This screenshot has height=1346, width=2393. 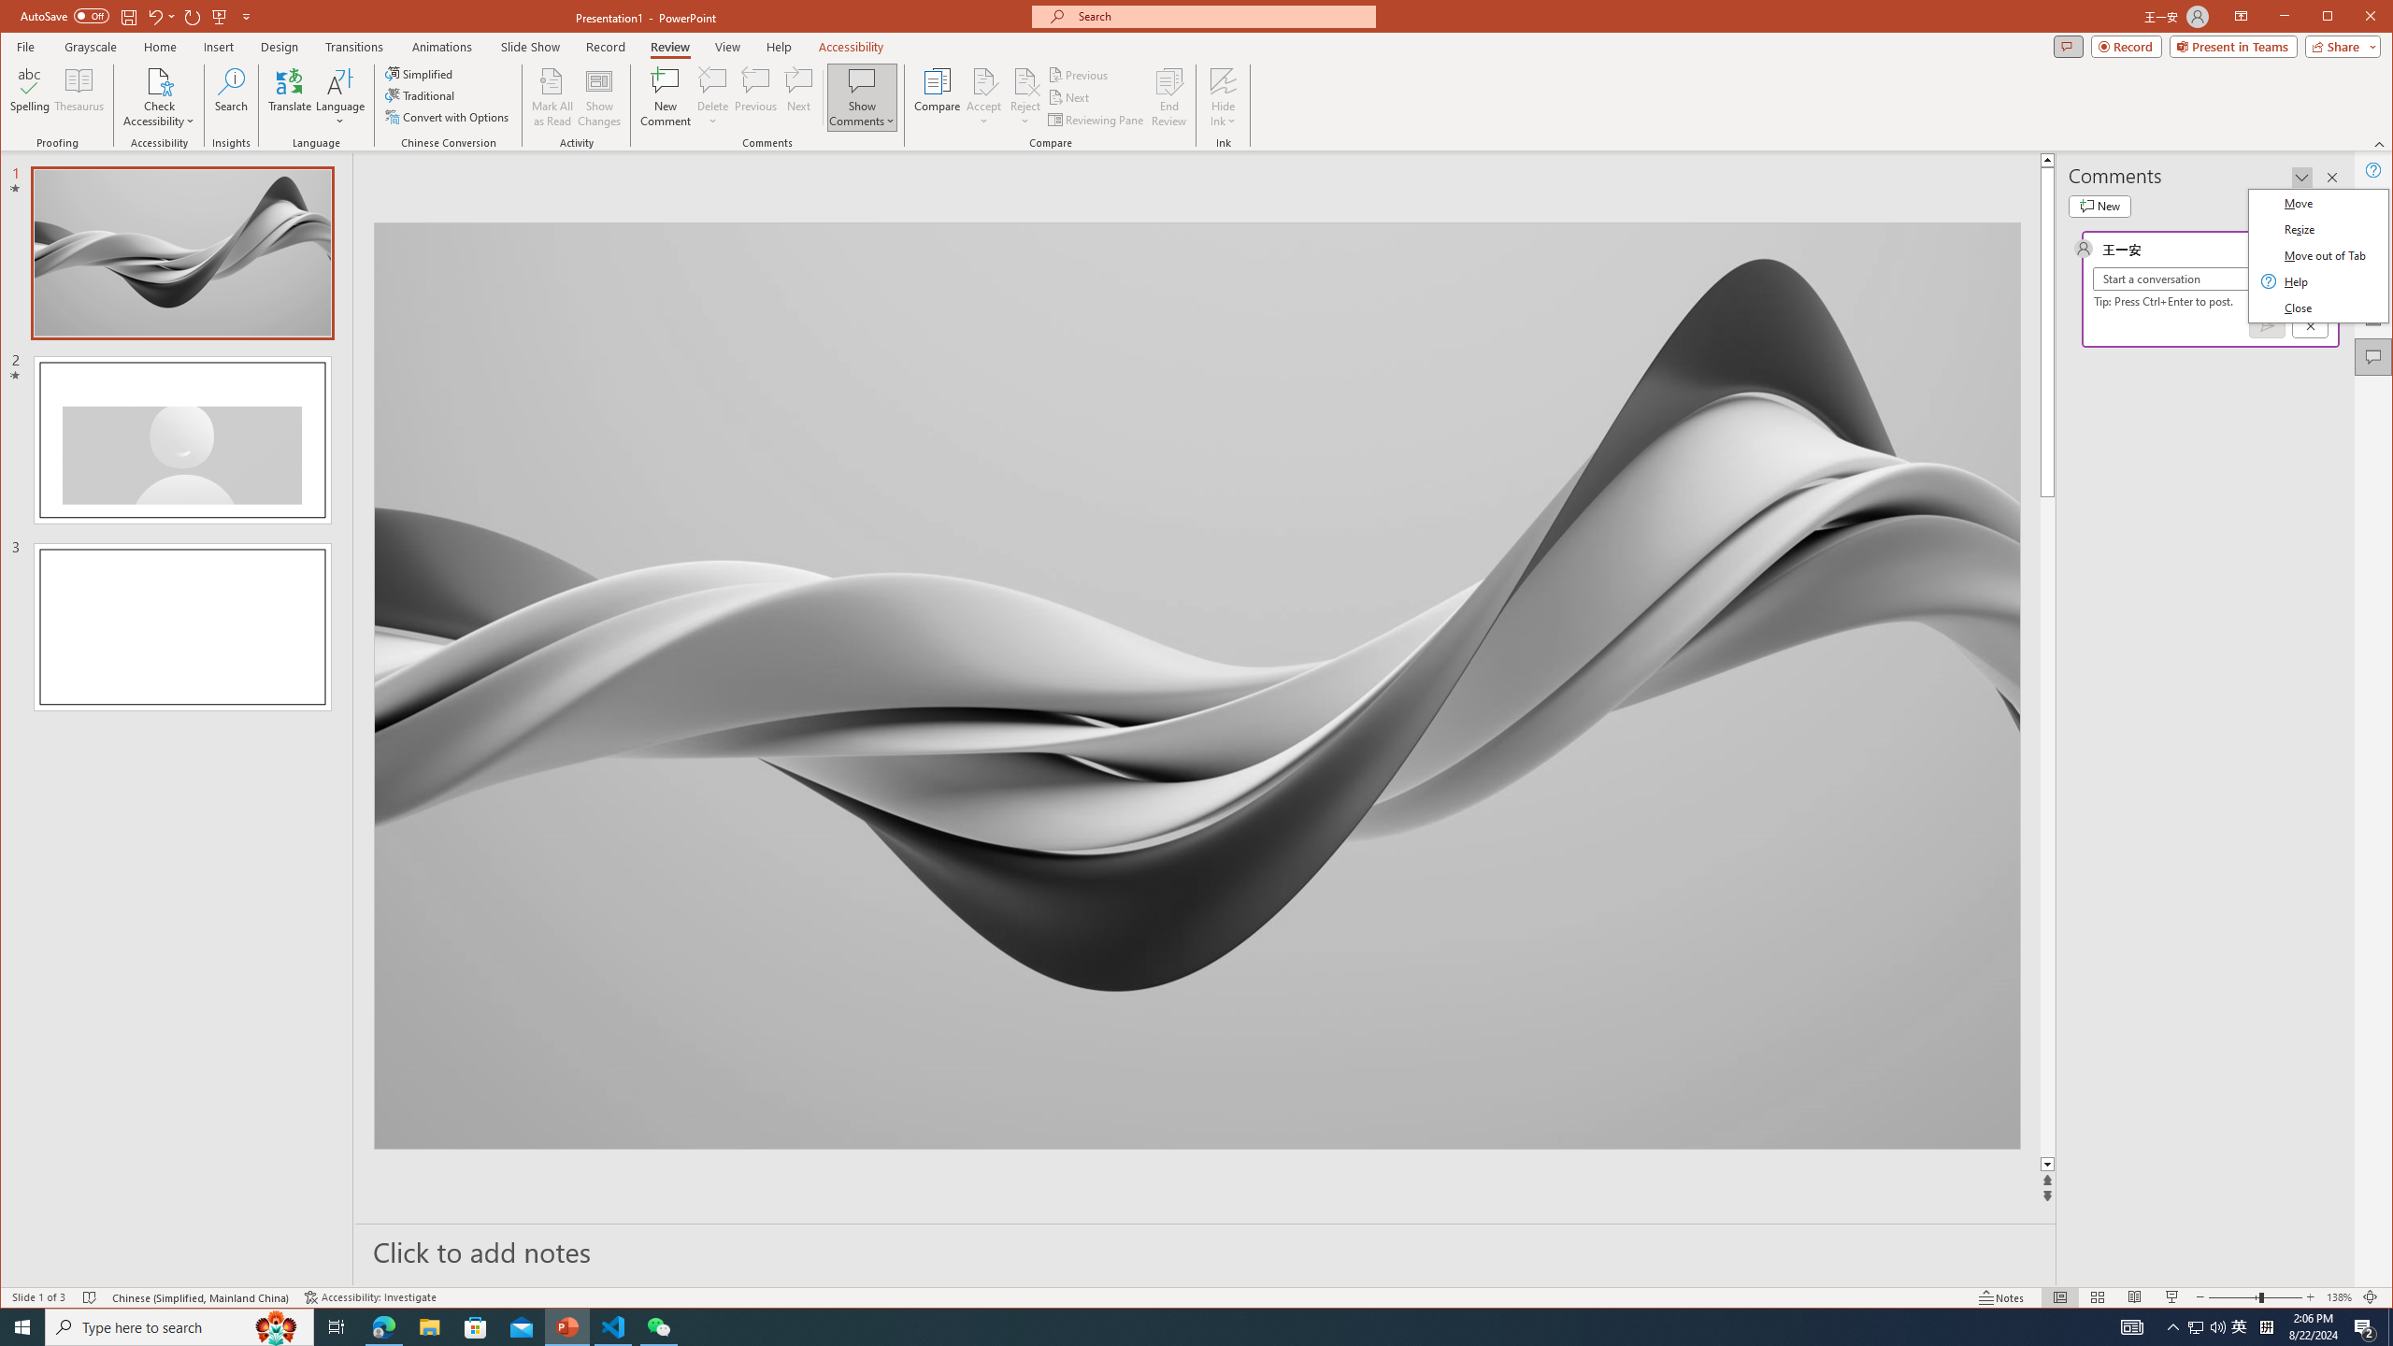 I want to click on 'Normal', so click(x=2060, y=1296).